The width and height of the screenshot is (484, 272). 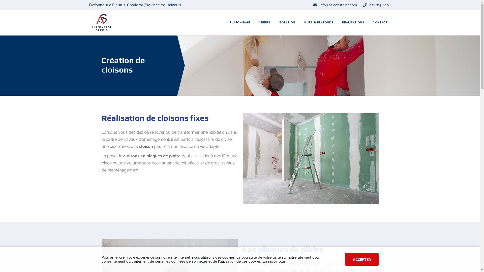 I want to click on 'ISOLATION', so click(x=274, y=22).